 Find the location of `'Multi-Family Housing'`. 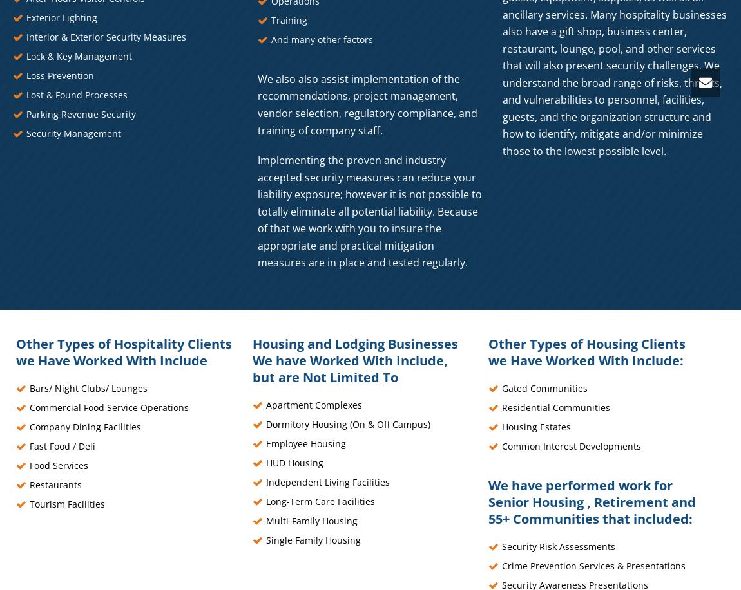

'Multi-Family Housing' is located at coordinates (311, 520).